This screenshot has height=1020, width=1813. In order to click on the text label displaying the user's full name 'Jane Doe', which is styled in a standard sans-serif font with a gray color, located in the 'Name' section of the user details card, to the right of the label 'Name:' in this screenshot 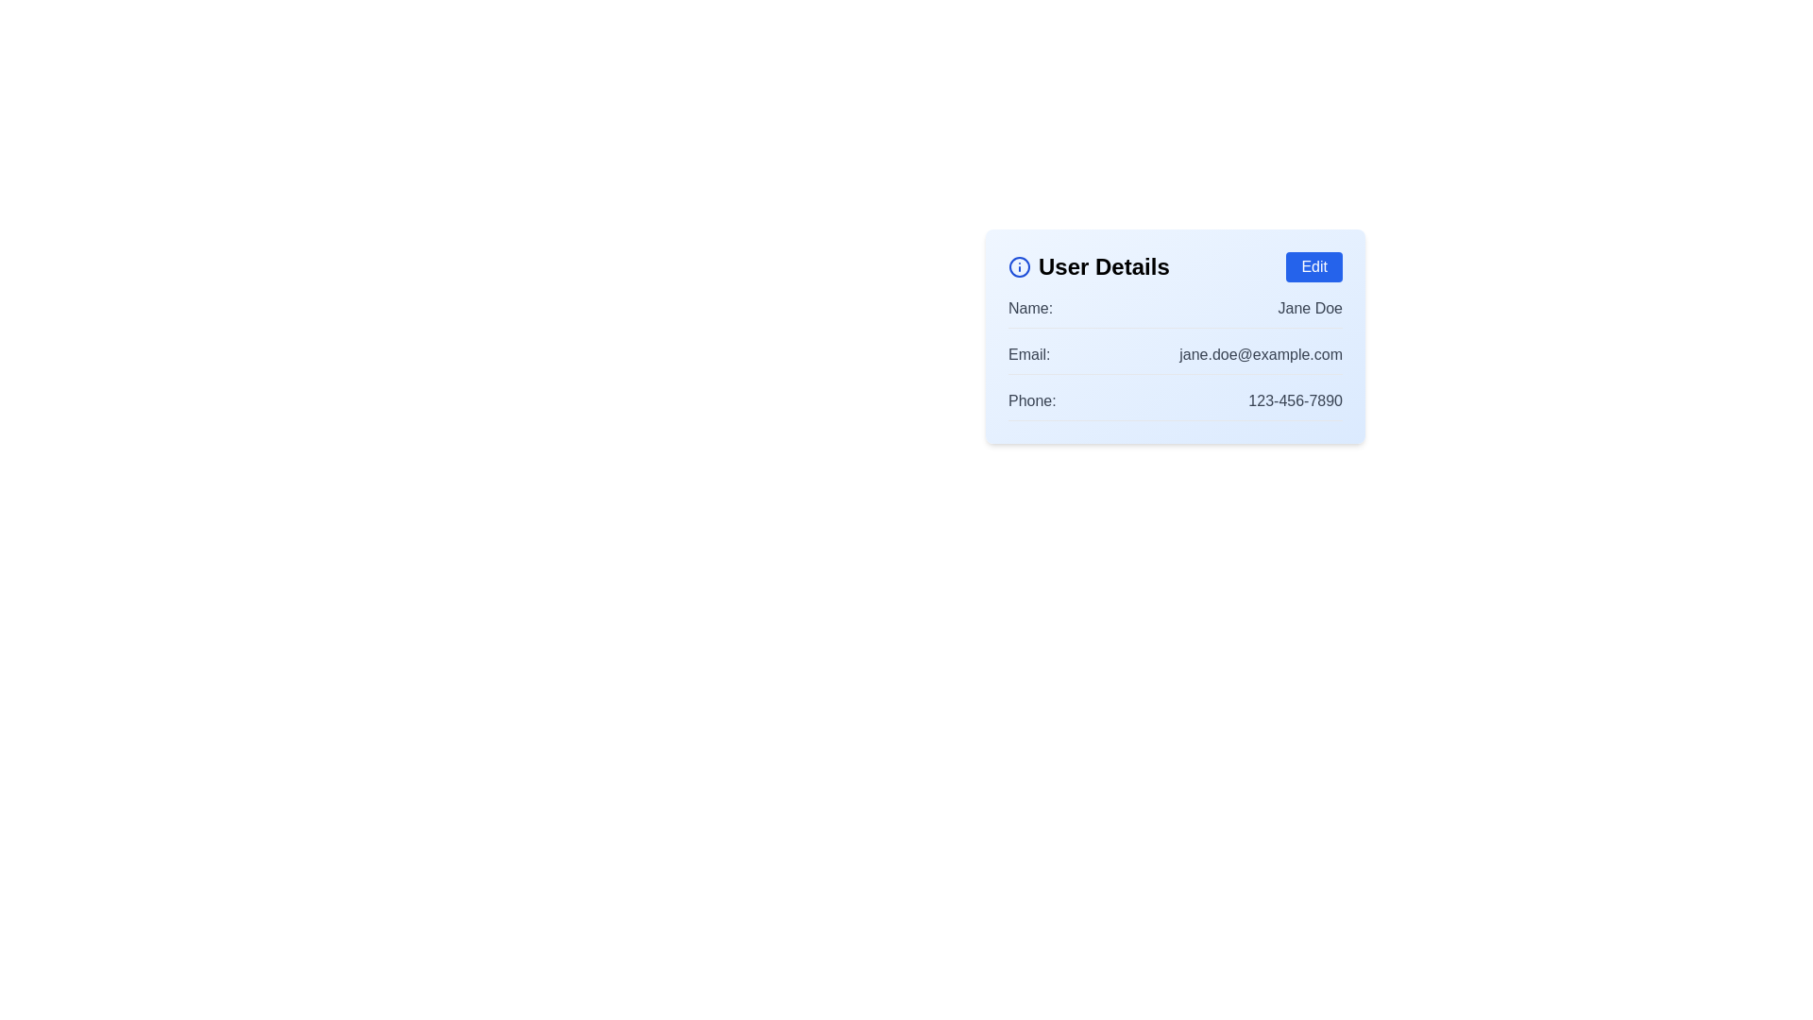, I will do `click(1309, 308)`.